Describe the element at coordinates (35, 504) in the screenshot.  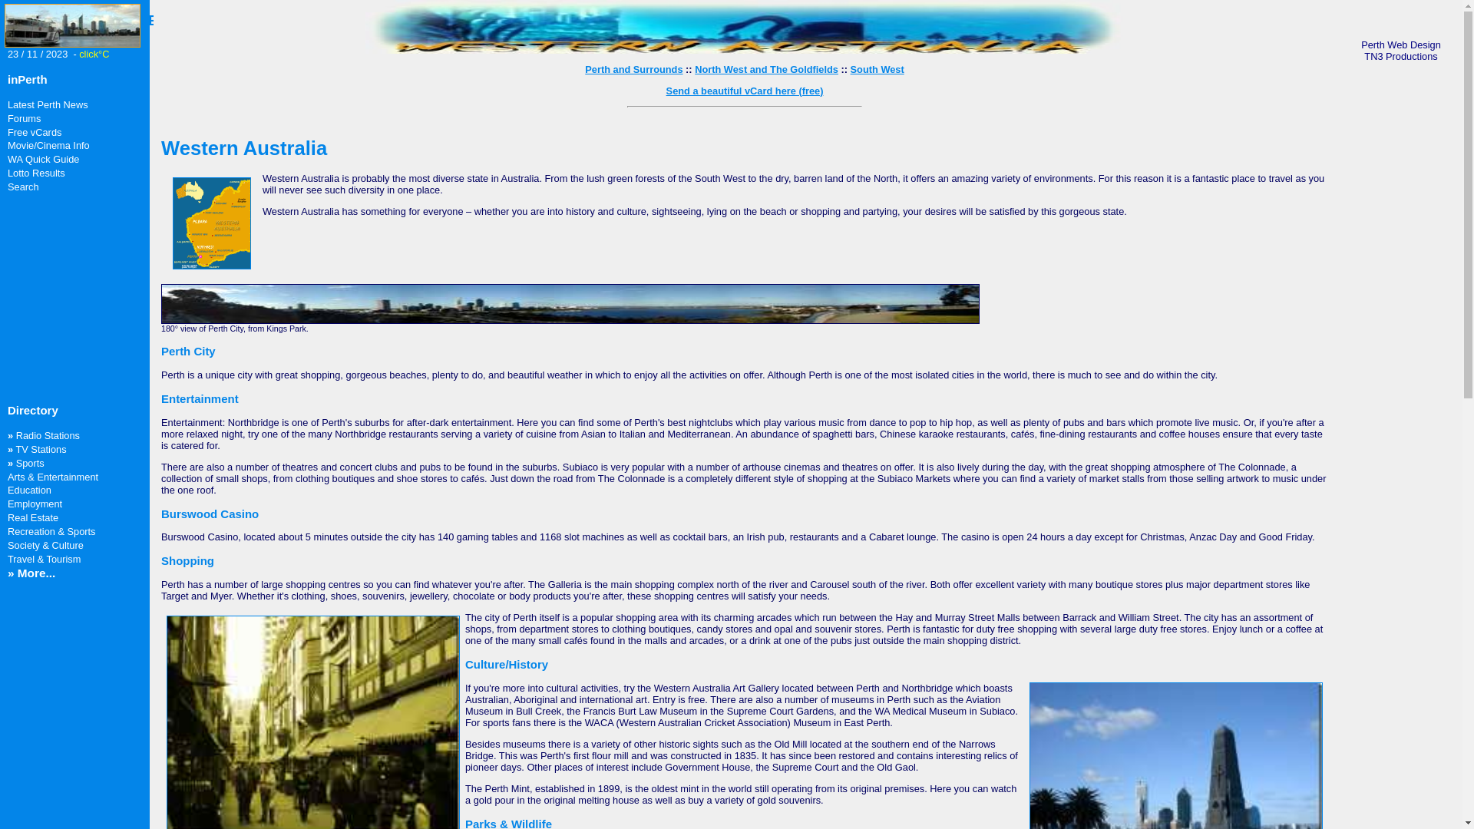
I see `'Employment'` at that location.